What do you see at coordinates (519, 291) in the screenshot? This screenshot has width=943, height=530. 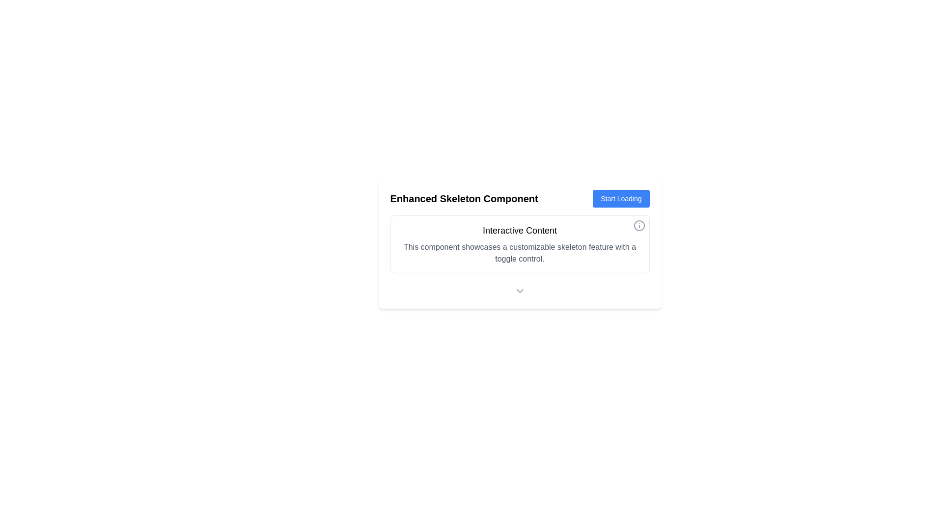 I see `the chevron-down icon located at the bottom of the 'Enhanced Skeleton Component' card` at bounding box center [519, 291].